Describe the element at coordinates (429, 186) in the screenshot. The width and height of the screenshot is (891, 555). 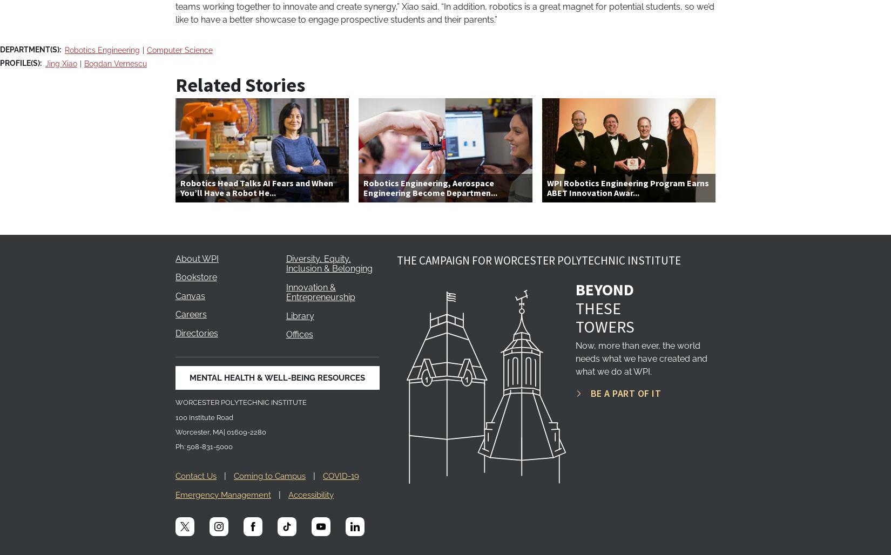
I see `'Robotics Engineering, Aerospace Engineering Become Departmen...'` at that location.